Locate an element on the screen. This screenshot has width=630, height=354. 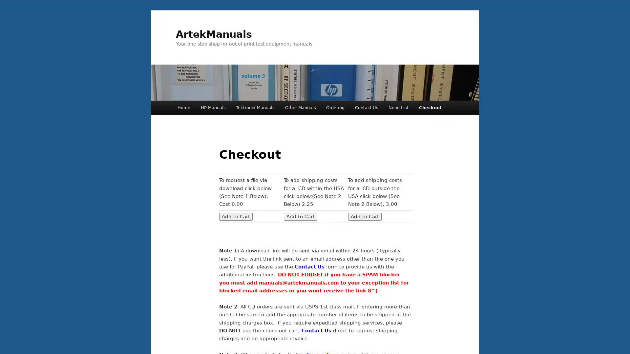
Add to Cart is located at coordinates (300, 216).